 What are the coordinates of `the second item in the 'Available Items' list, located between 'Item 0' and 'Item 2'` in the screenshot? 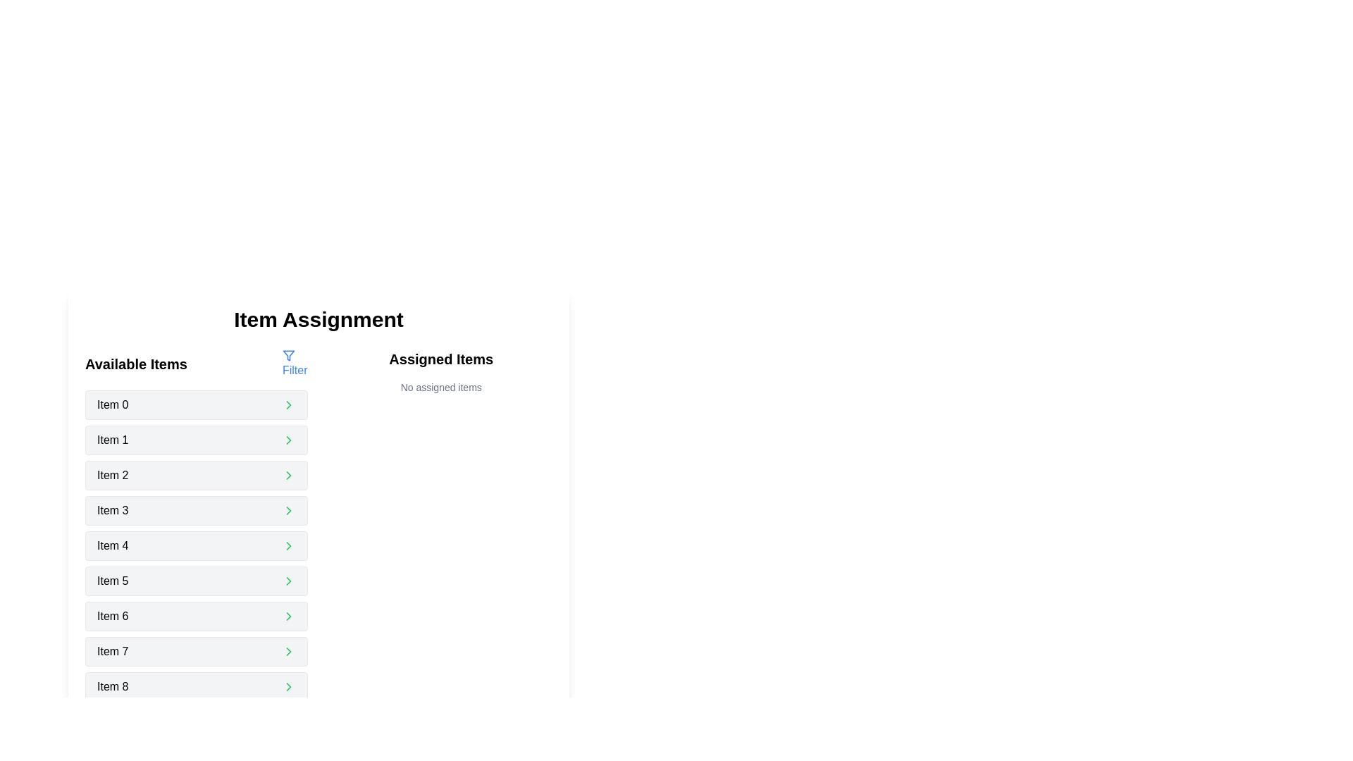 It's located at (195, 439).